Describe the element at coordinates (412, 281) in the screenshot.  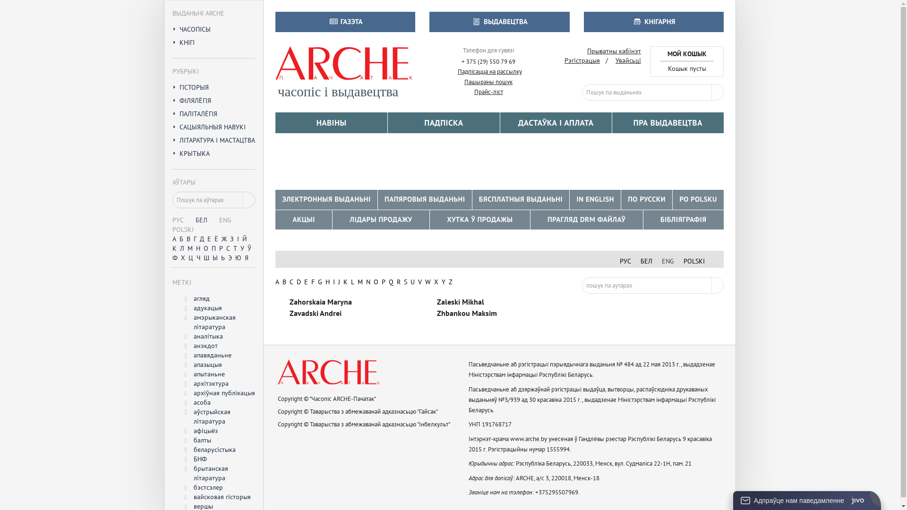
I see `'U'` at that location.